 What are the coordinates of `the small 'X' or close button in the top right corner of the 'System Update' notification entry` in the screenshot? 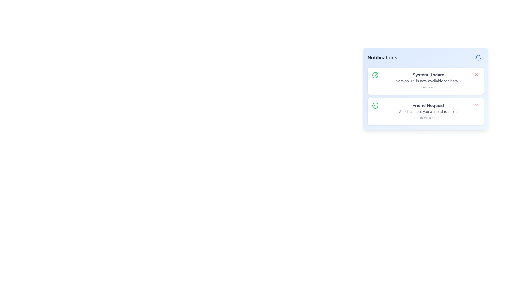 It's located at (476, 74).